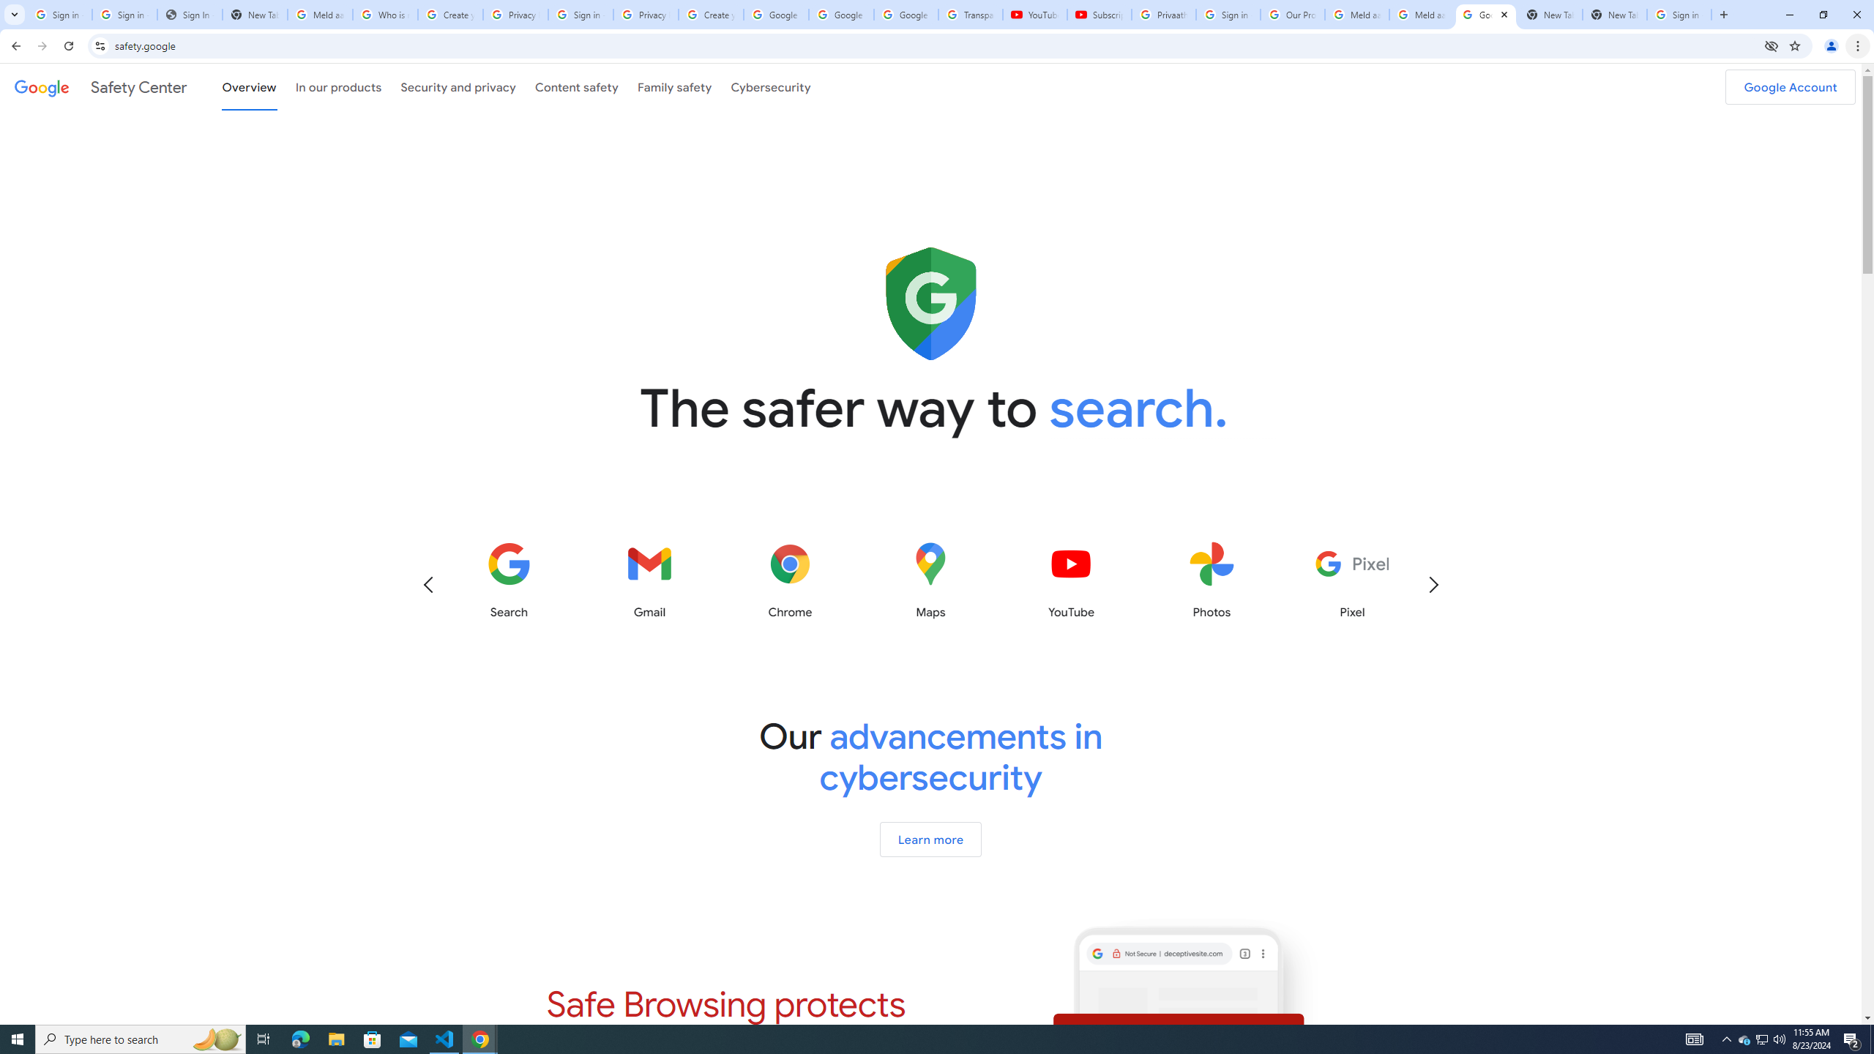 The width and height of the screenshot is (1874, 1054). What do you see at coordinates (674, 86) in the screenshot?
I see `'Family safety'` at bounding box center [674, 86].